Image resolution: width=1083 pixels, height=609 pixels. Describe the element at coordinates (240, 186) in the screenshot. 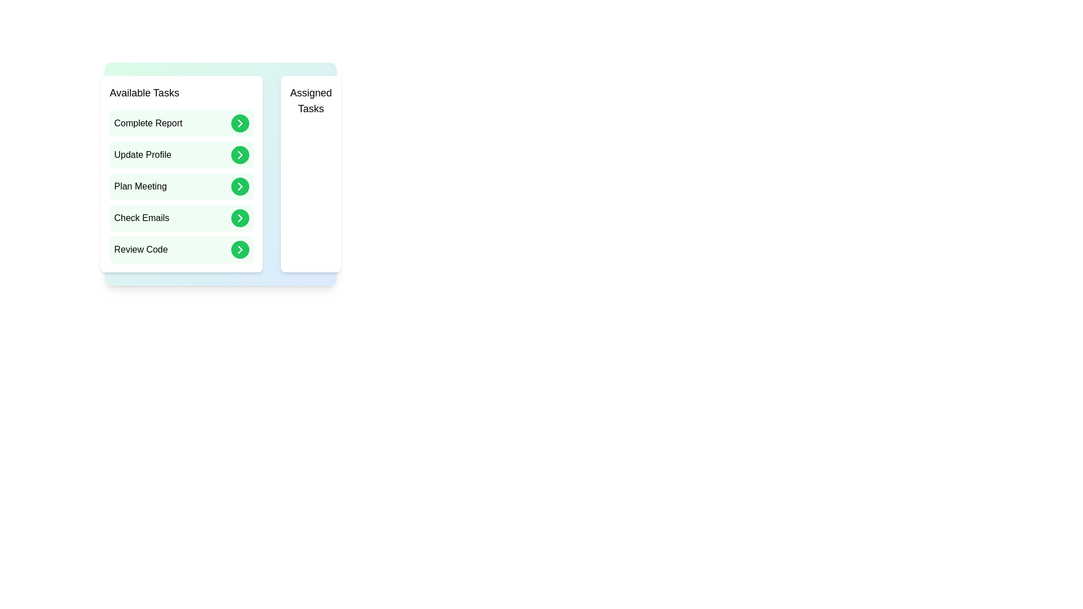

I see `the button corresponding to Plan Meeting` at that location.